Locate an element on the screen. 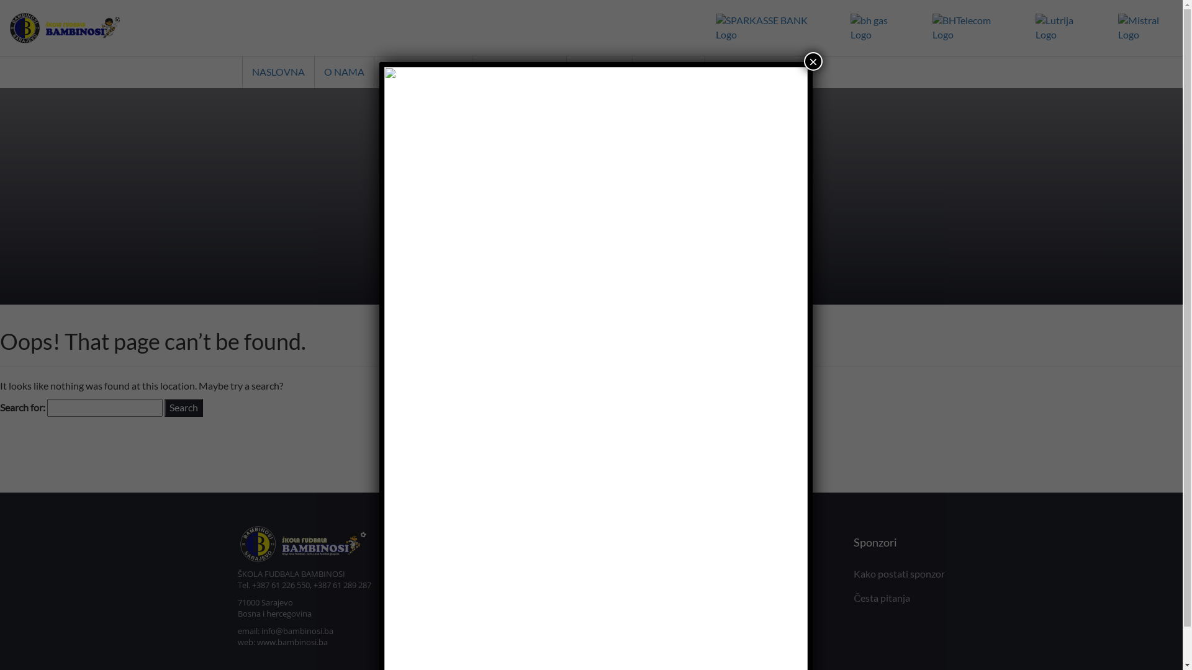 The height and width of the screenshot is (670, 1192). 'O NAMA' is located at coordinates (344, 71).